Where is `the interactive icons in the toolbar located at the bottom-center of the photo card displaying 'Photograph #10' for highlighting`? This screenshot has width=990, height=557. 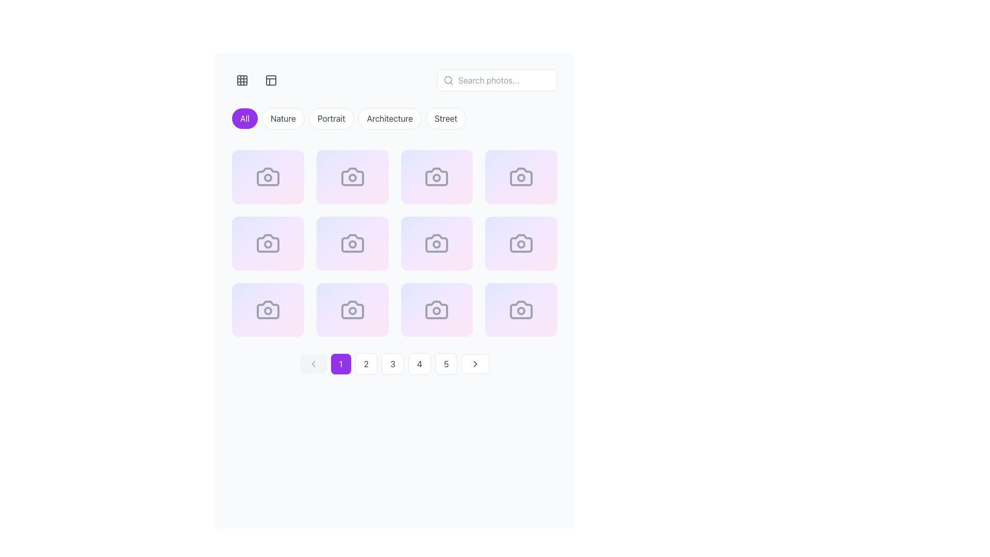 the interactive icons in the toolbar located at the bottom-center of the photo card displaying 'Photograph #10' for highlighting is located at coordinates (352, 319).